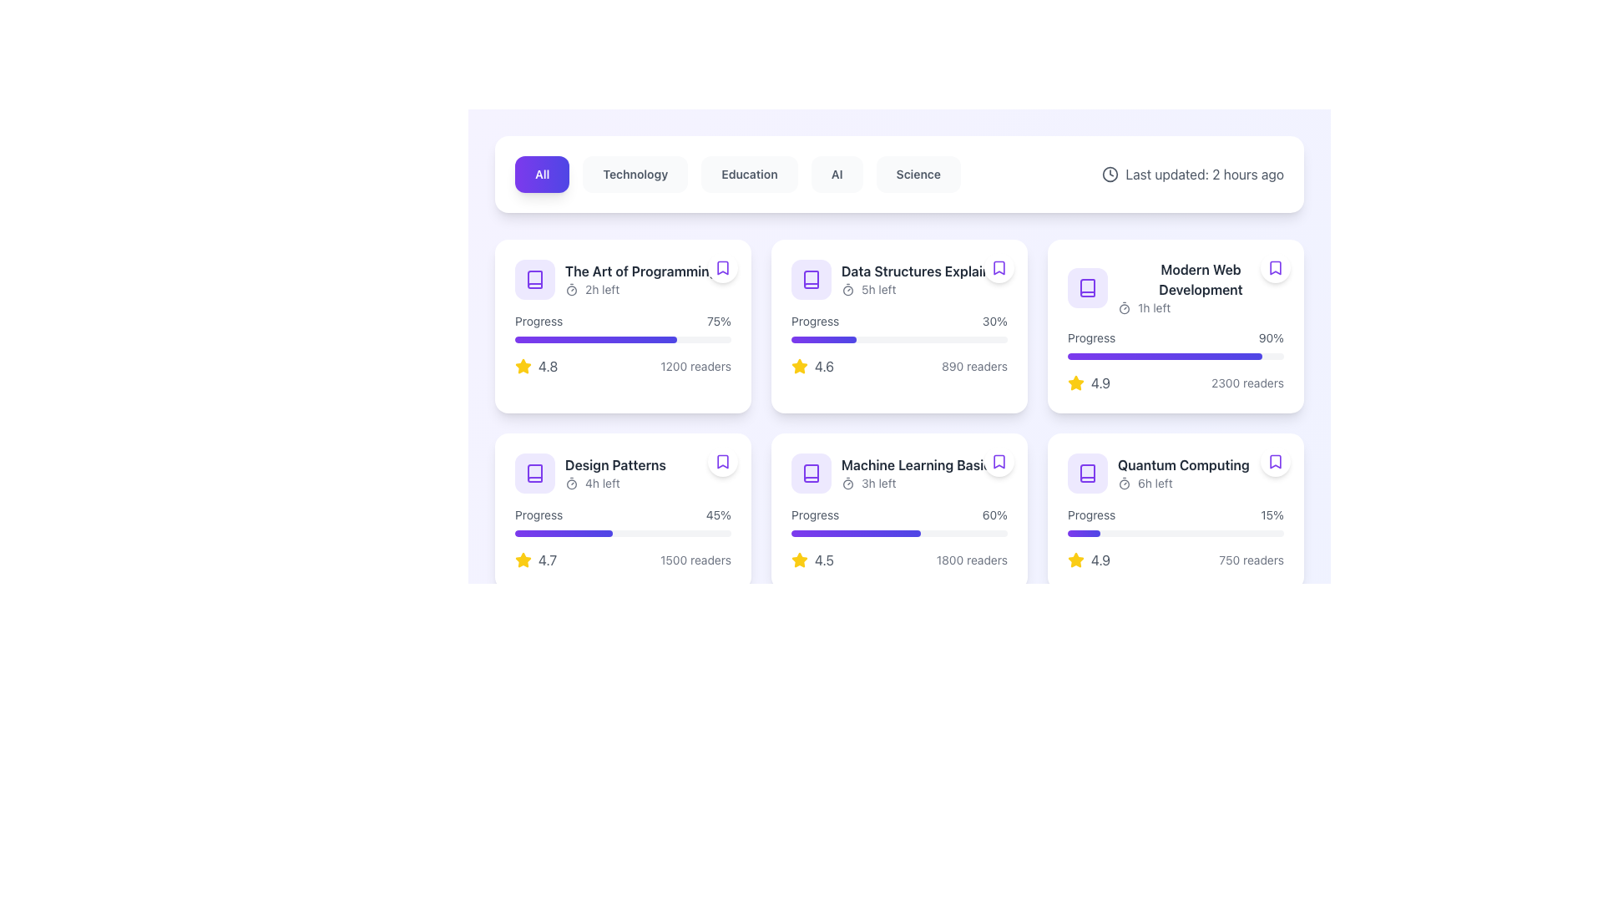 Image resolution: width=1603 pixels, height=902 pixels. I want to click on the informational text label that displays the progress percentage, located to the right of the 'Progress' label in the card of the second row and third column of the grid layout, so click(994, 514).